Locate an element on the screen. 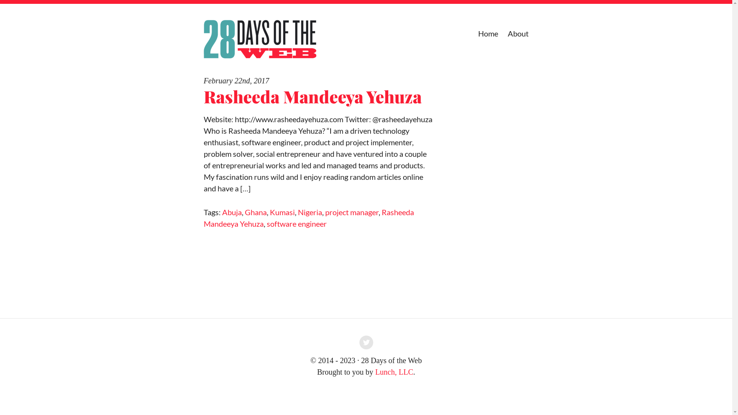 This screenshot has width=738, height=415. 'project manager' is located at coordinates (325, 212).